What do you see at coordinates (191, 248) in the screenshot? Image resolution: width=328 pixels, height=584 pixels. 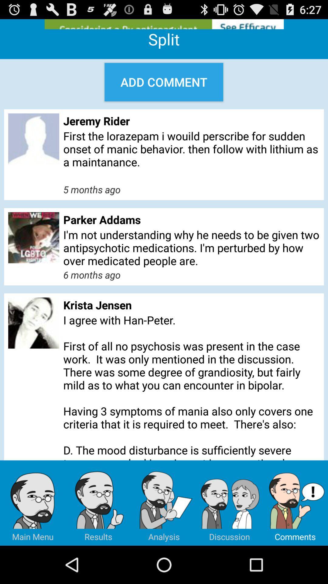 I see `the i m not app` at bounding box center [191, 248].